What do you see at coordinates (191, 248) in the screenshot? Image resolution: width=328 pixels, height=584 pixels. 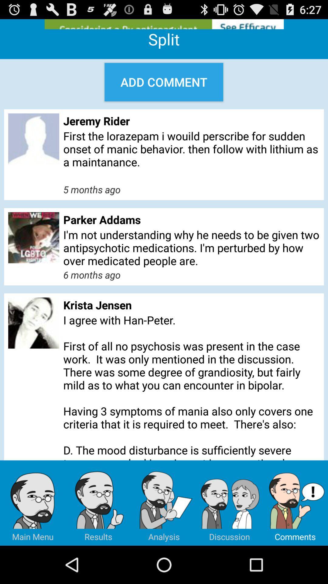 I see `the i m not app` at bounding box center [191, 248].